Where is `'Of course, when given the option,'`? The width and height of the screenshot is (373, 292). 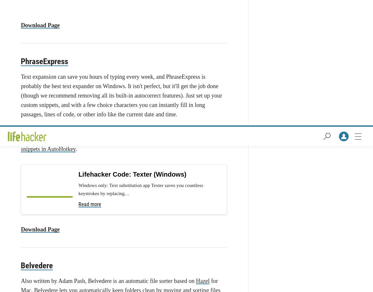
'Of course, when given the option,' is located at coordinates (61, 207).